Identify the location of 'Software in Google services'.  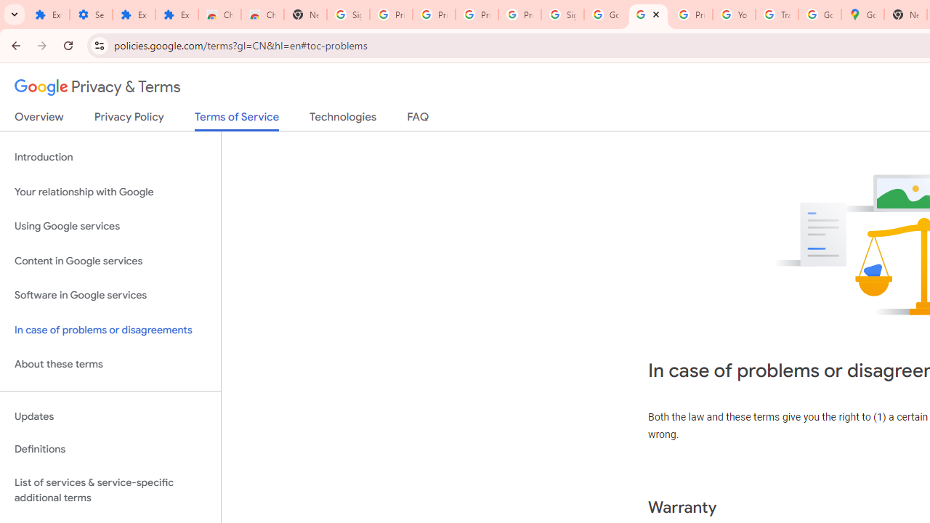
(110, 295).